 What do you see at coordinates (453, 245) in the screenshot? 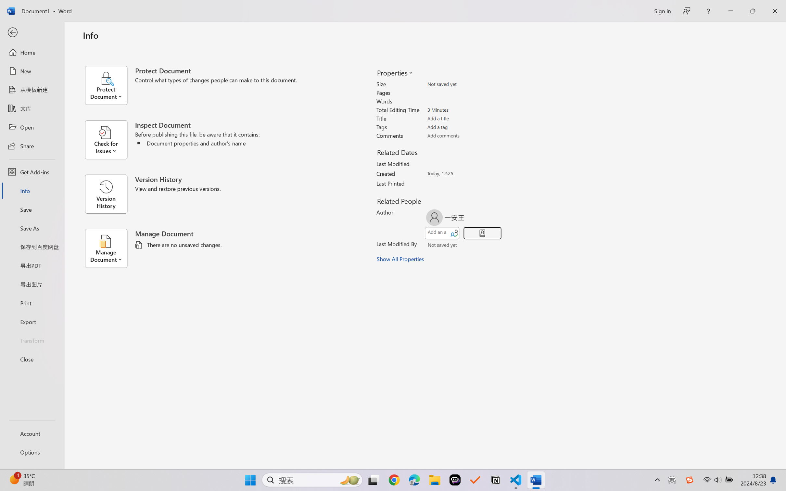
I see `'Verify Names'` at bounding box center [453, 245].